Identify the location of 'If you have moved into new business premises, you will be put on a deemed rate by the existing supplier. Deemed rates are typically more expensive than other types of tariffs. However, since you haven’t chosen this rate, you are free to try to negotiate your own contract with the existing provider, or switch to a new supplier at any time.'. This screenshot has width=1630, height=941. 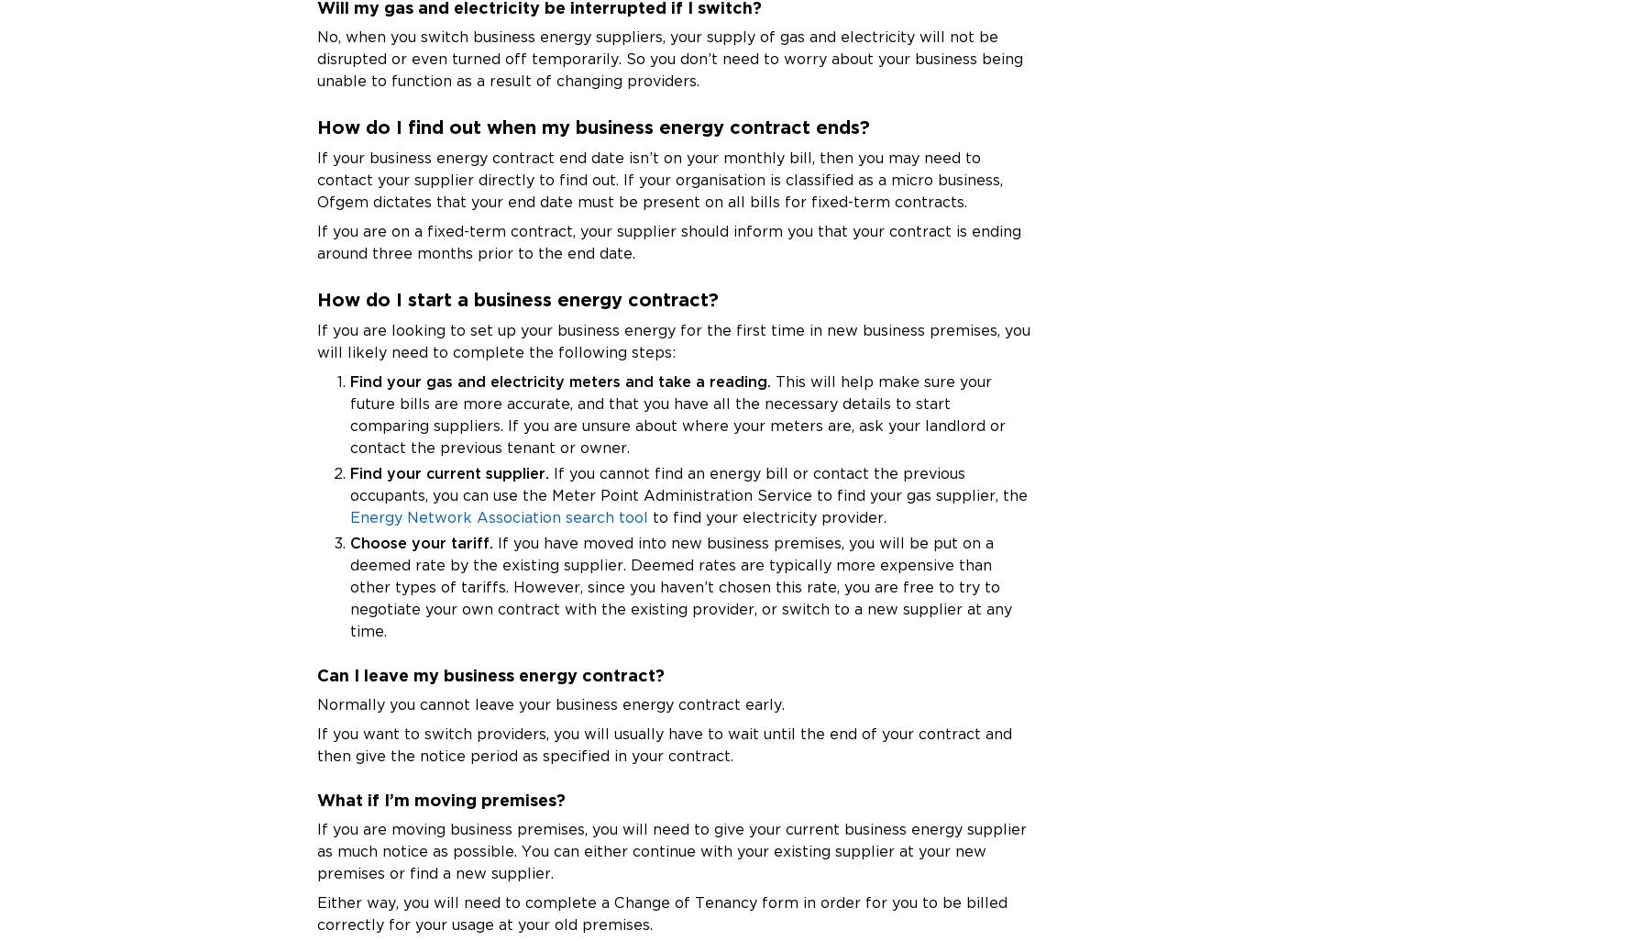
(680, 586).